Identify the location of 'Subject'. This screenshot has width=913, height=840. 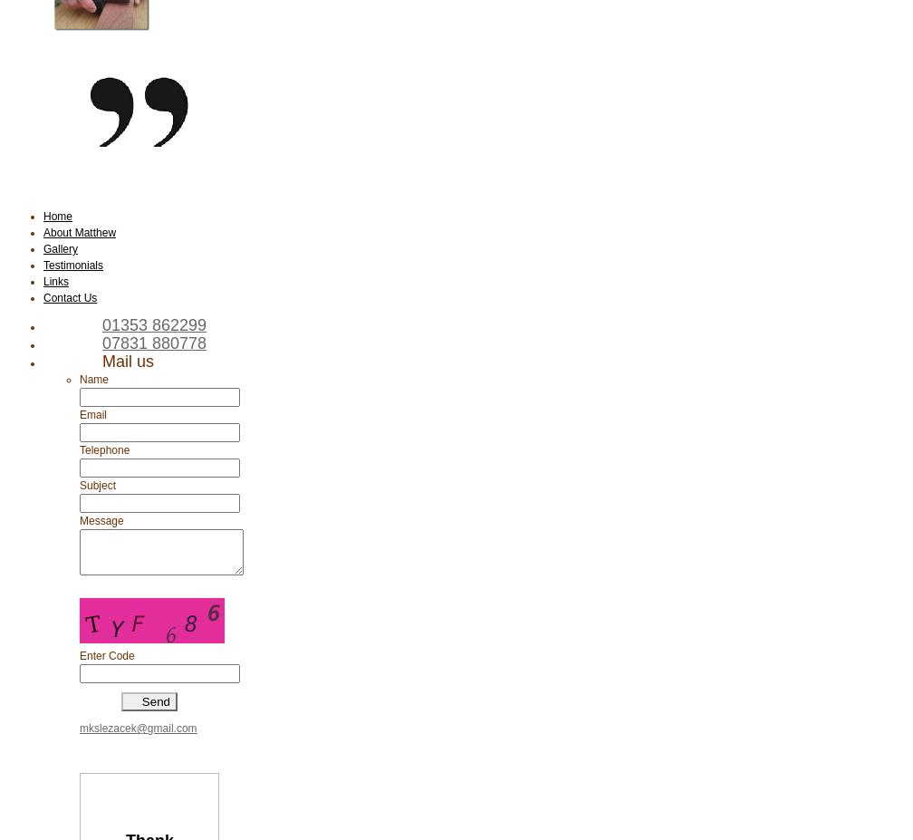
(97, 485).